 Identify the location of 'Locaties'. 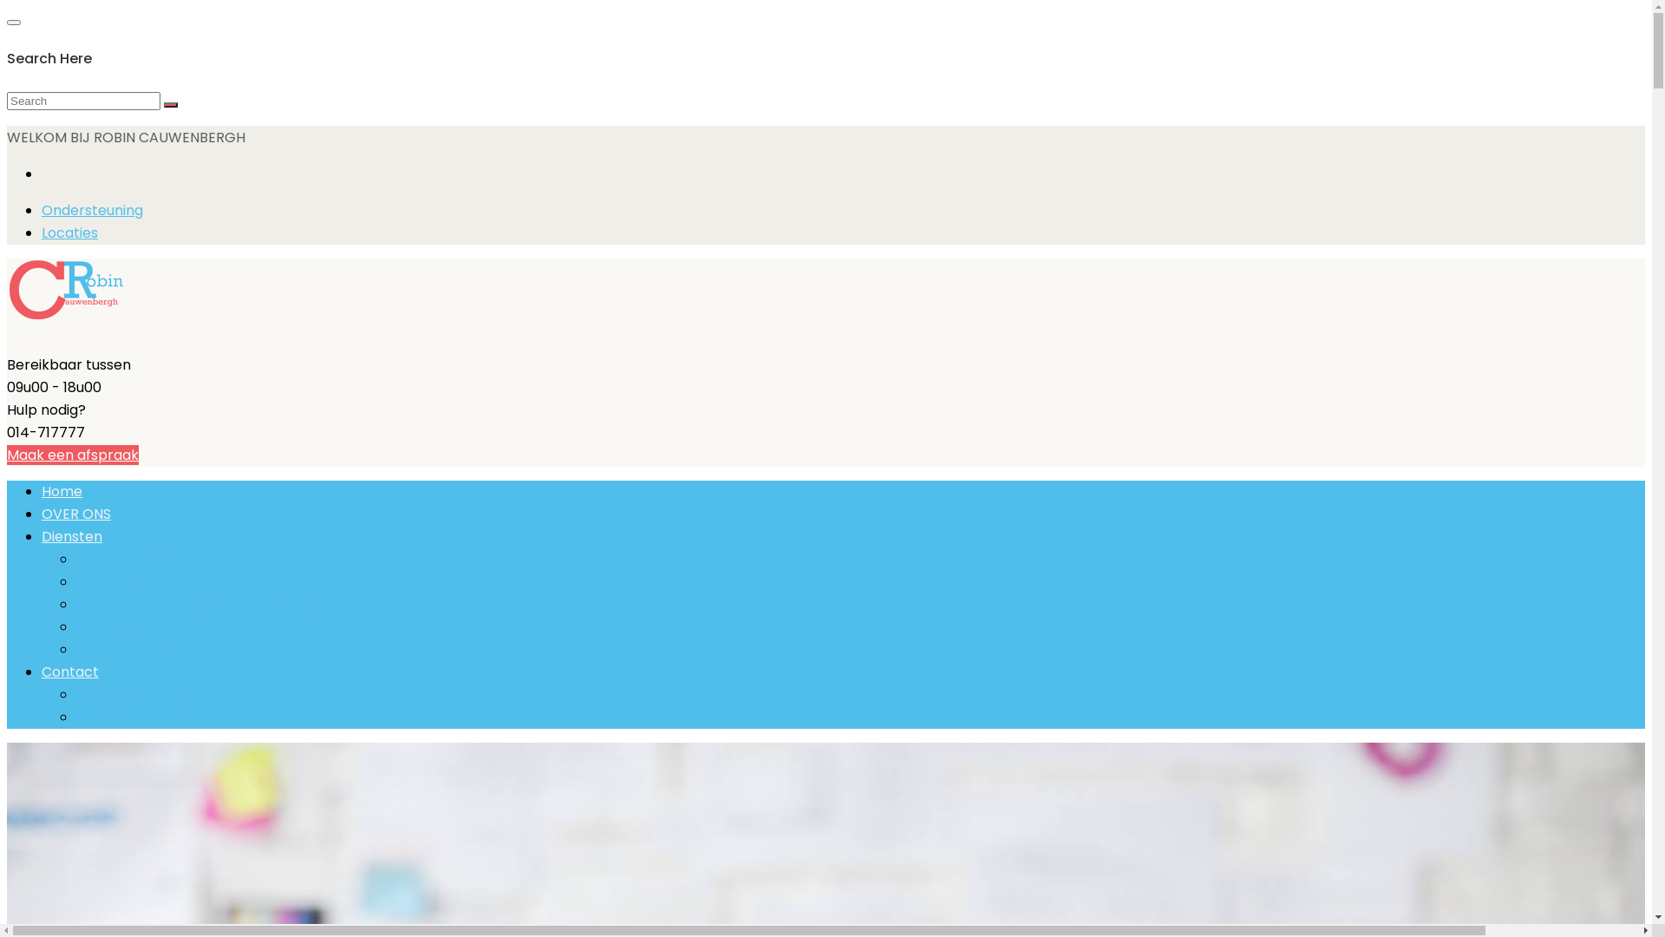
(42, 232).